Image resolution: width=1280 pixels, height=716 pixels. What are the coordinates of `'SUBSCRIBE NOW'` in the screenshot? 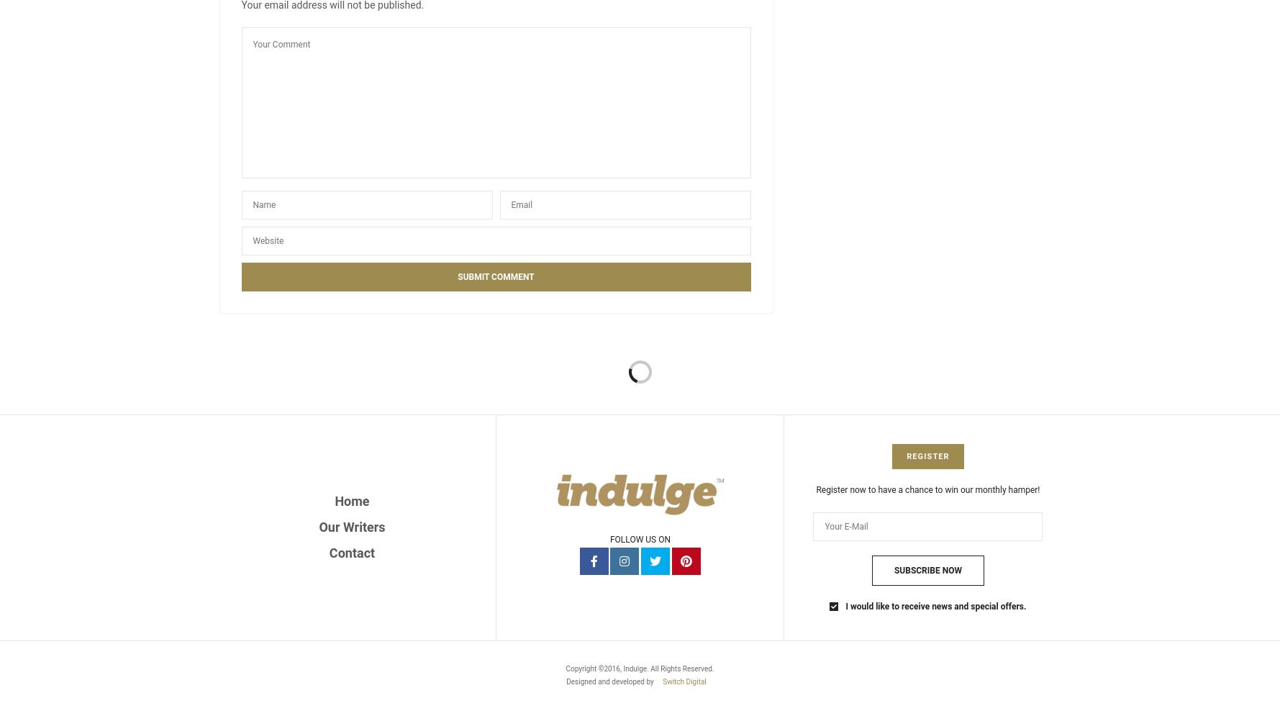 It's located at (927, 570).